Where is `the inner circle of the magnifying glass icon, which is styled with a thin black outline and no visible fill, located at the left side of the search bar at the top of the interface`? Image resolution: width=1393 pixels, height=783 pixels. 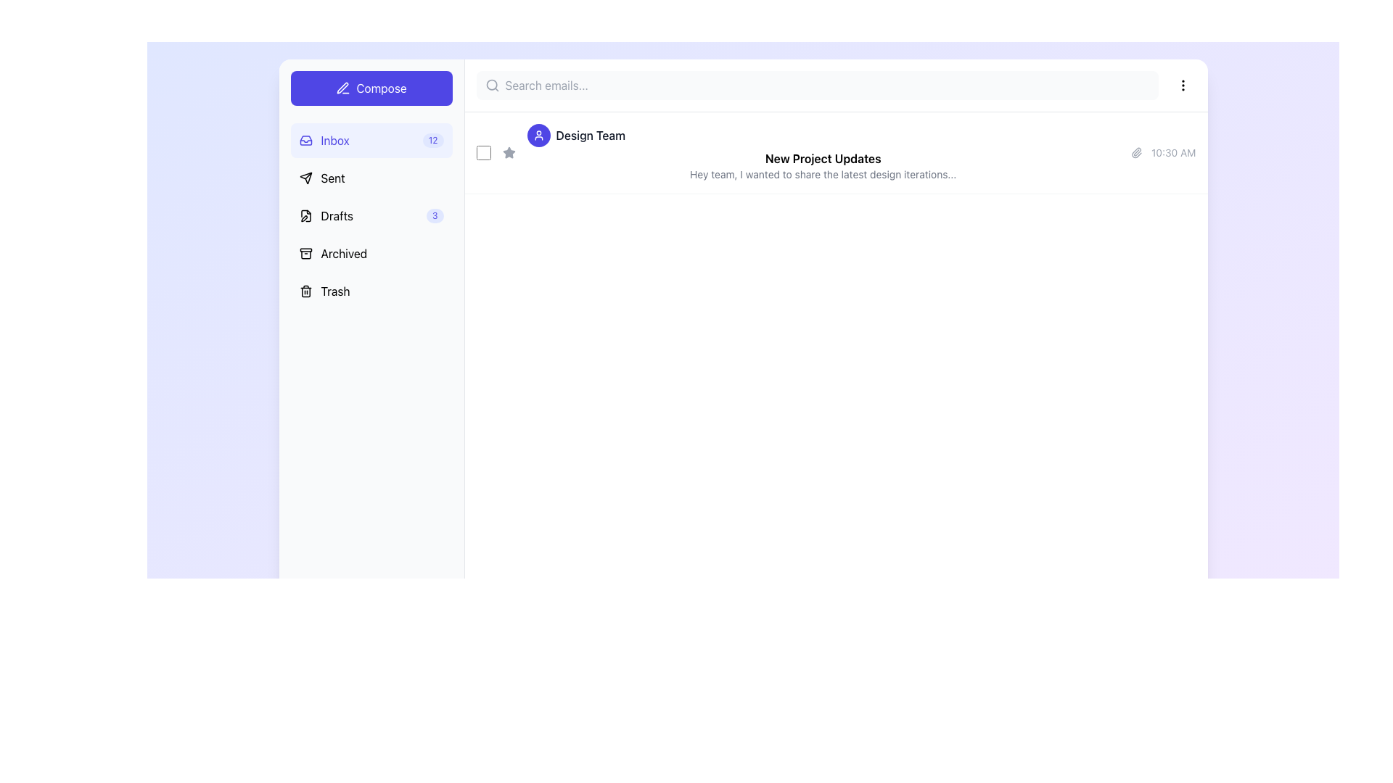
the inner circle of the magnifying glass icon, which is styled with a thin black outline and no visible fill, located at the left side of the search bar at the top of the interface is located at coordinates (491, 85).